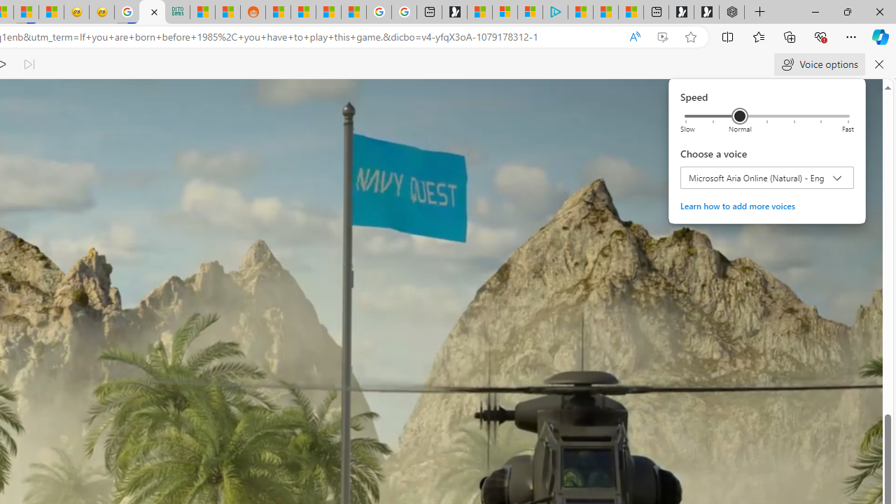 The height and width of the screenshot is (504, 896). Describe the element at coordinates (202, 12) in the screenshot. I see `'MSNBC - MSN'` at that location.